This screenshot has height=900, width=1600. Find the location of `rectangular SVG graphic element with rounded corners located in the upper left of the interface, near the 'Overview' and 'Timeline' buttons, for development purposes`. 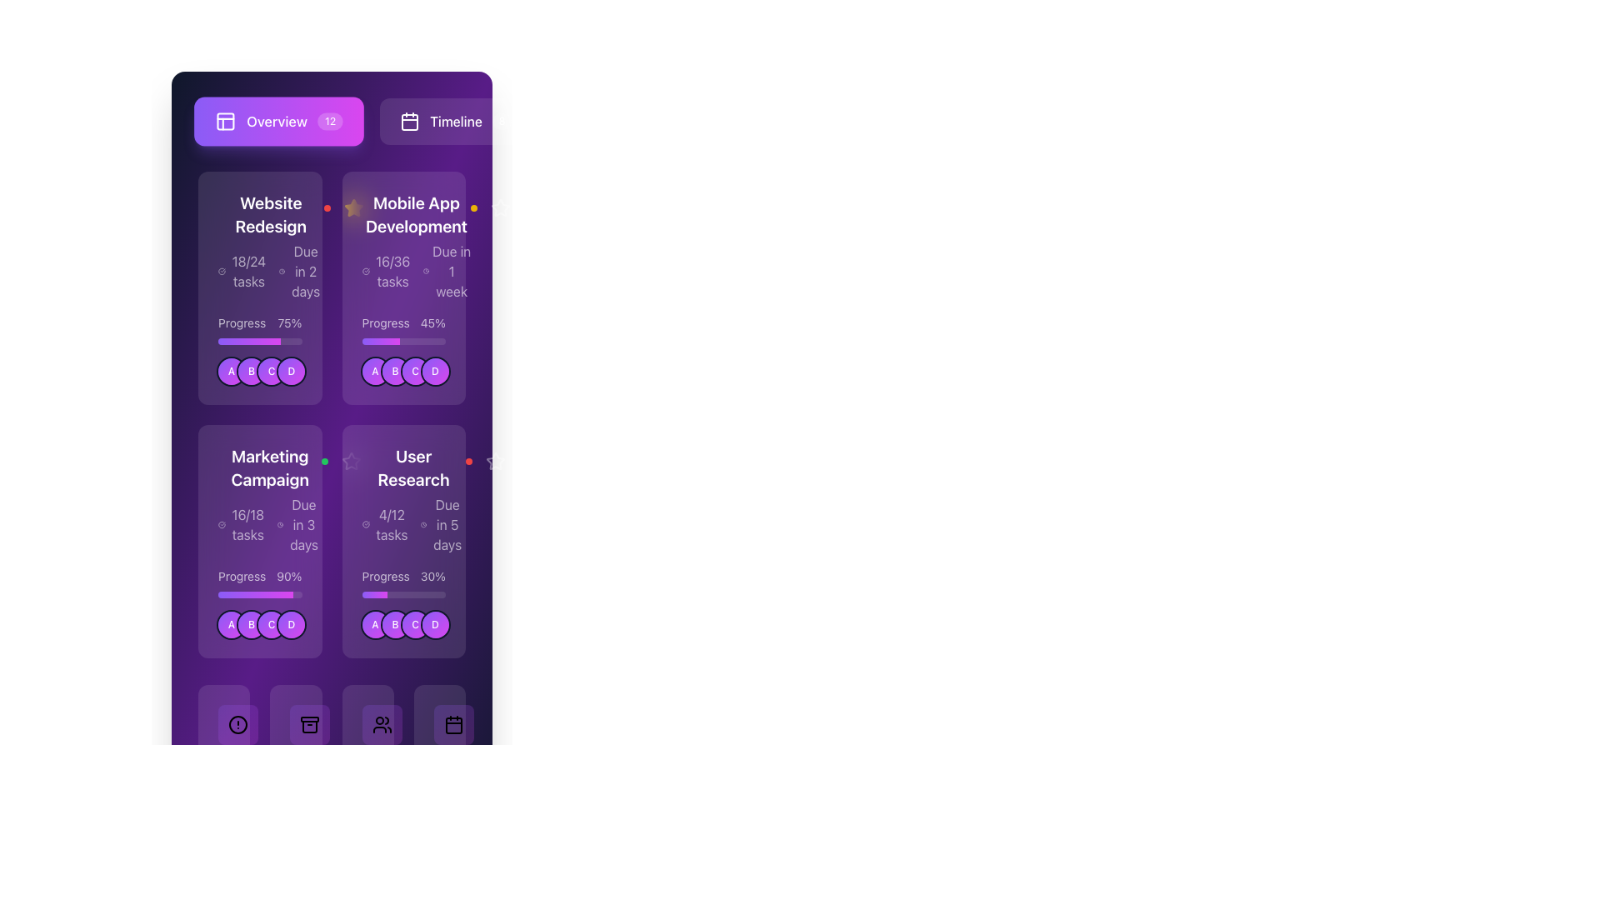

rectangular SVG graphic element with rounded corners located in the upper left of the interface, near the 'Overview' and 'Timeline' buttons, for development purposes is located at coordinates (224, 121).